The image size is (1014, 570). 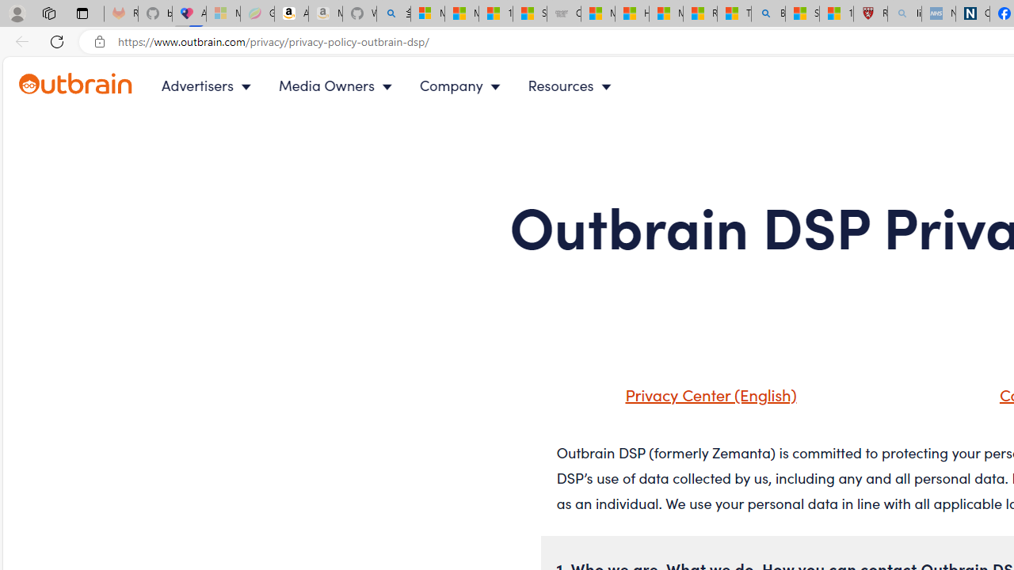 What do you see at coordinates (564, 13) in the screenshot?
I see `'Combat Siege'` at bounding box center [564, 13].